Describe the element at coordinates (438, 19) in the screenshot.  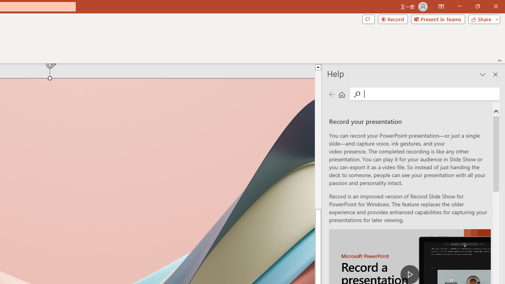
I see `'Present in Teams'` at that location.